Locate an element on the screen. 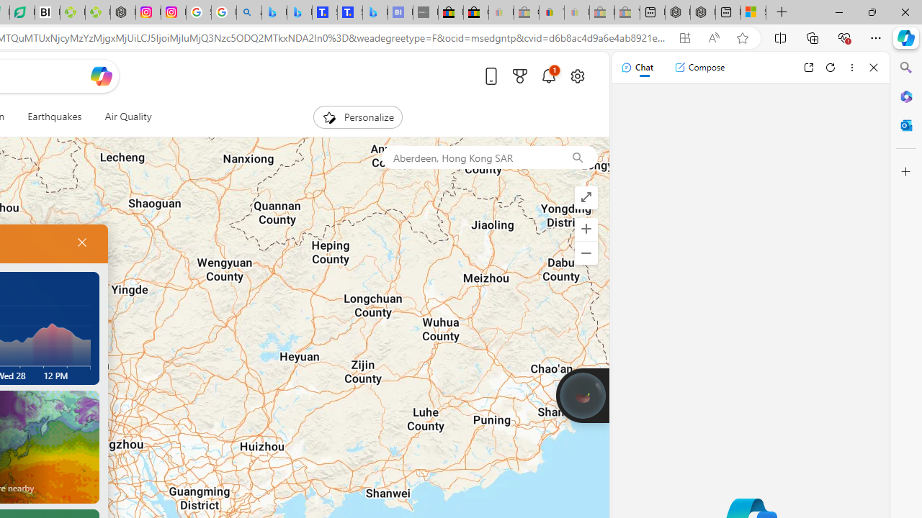 The height and width of the screenshot is (518, 922). 'Yard, Garden & Outdoor Living - Sleeping' is located at coordinates (627, 12).